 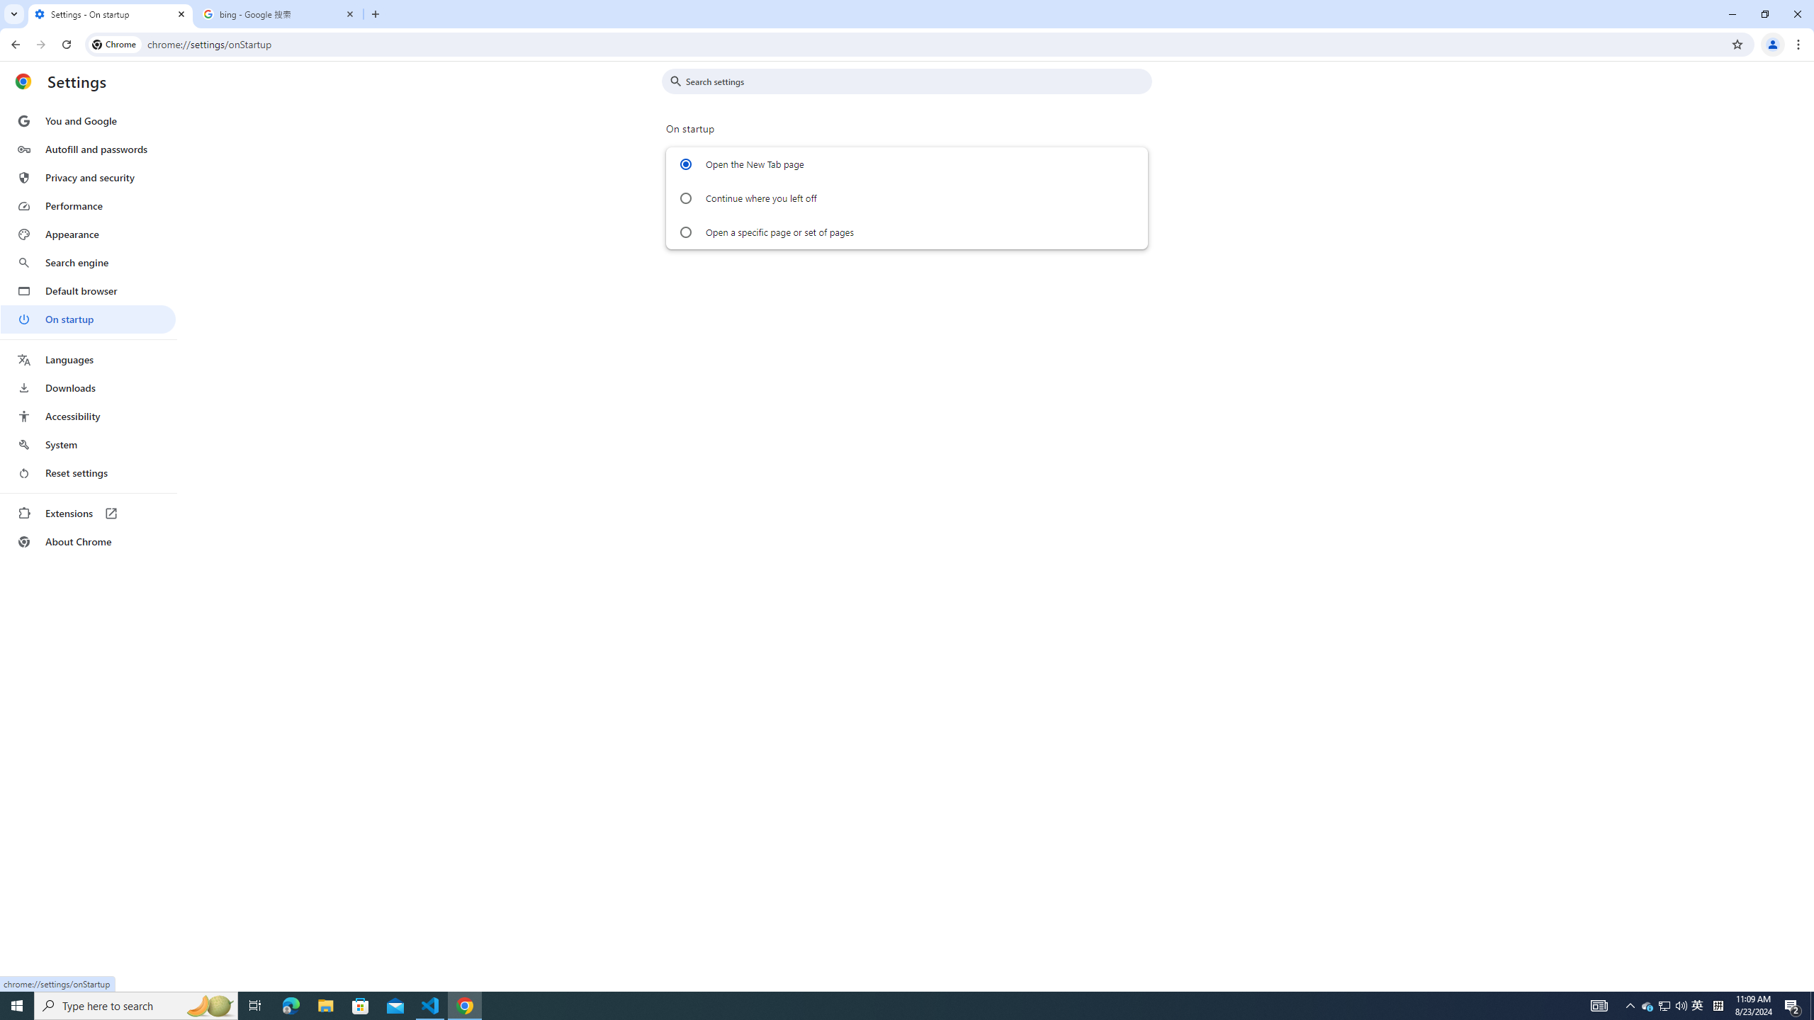 What do you see at coordinates (87, 205) in the screenshot?
I see `'Performance'` at bounding box center [87, 205].